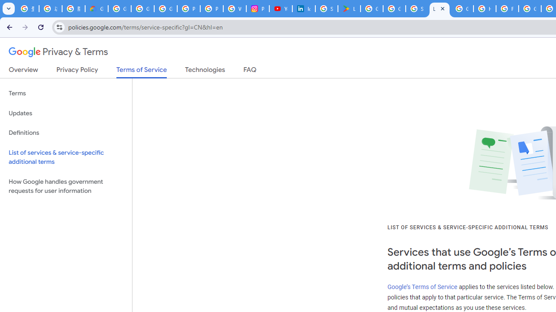 The height and width of the screenshot is (312, 556). I want to click on 'Last Shelter: Survival - Apps on Google Play', so click(349, 9).